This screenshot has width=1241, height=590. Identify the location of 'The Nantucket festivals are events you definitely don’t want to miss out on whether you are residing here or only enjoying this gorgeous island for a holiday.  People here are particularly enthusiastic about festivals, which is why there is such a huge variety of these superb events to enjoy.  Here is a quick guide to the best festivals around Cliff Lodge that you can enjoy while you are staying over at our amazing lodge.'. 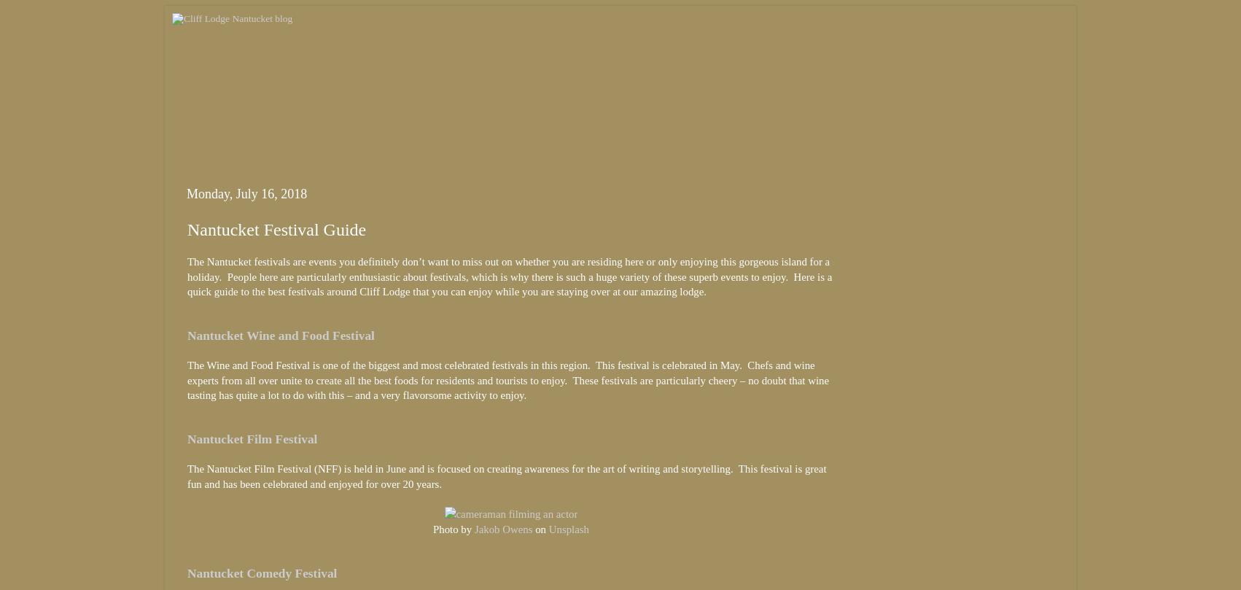
(510, 276).